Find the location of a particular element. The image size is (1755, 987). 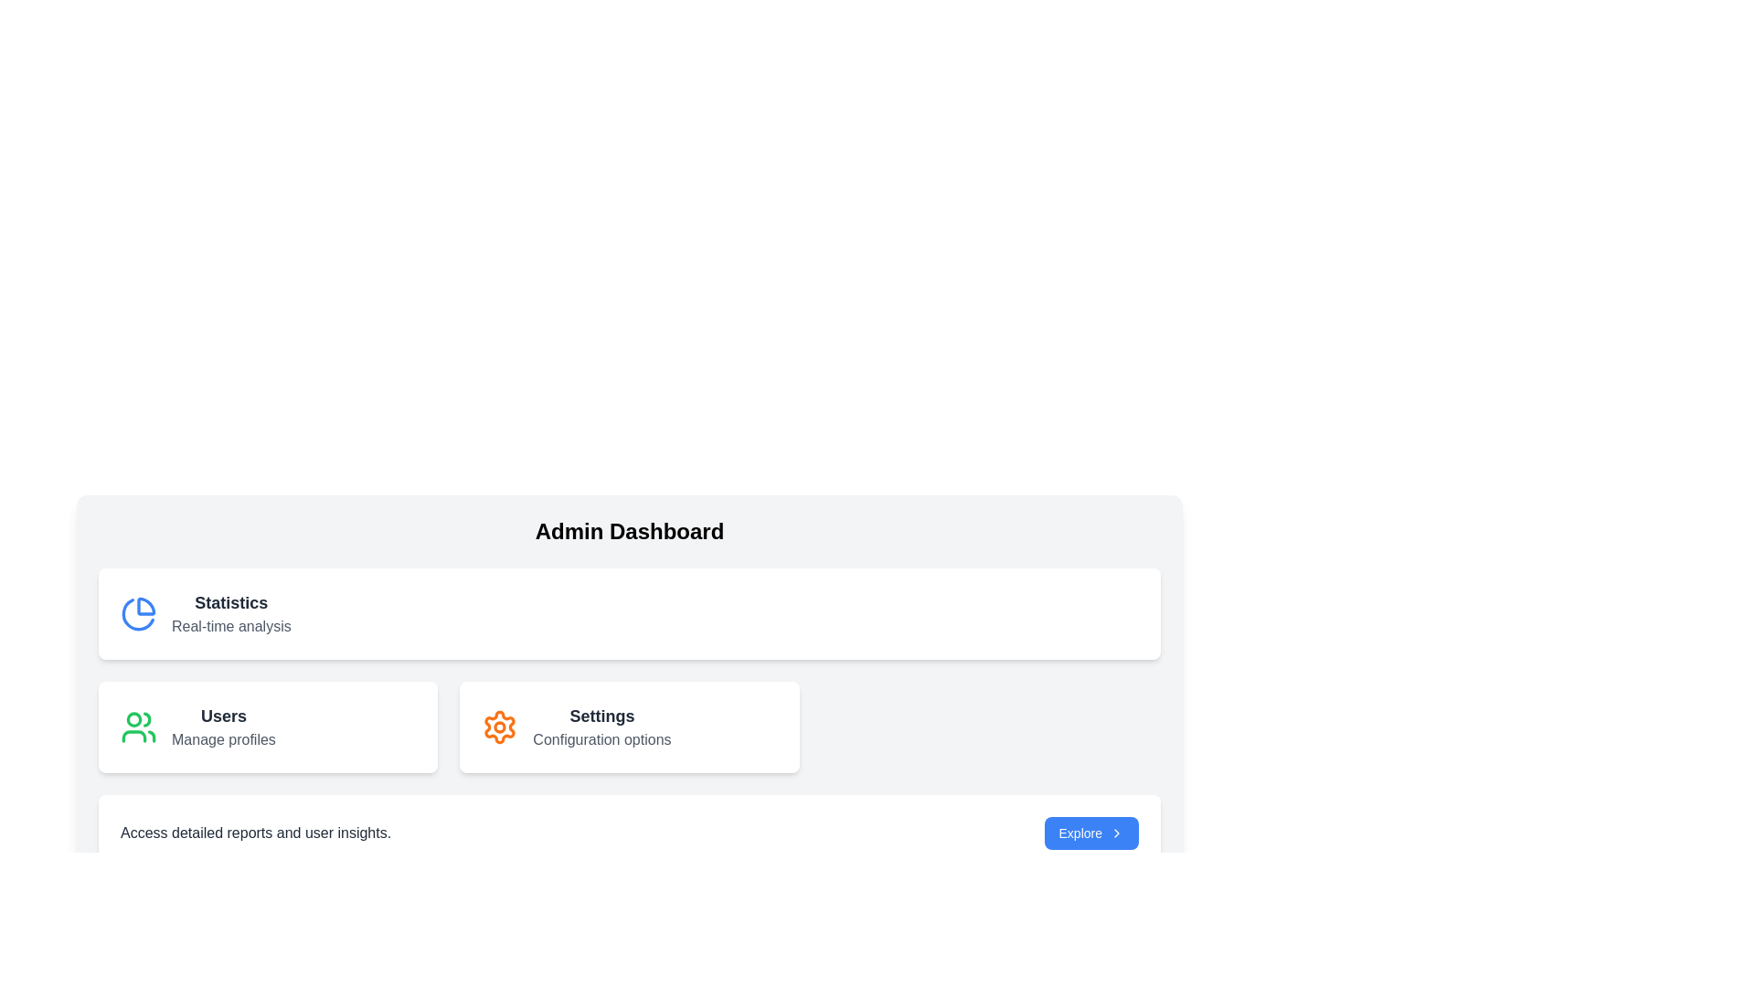

the titled label for the settings section, which is positioned above the text 'Configuration options' and to the right of the orange gear icon is located at coordinates (601, 715).